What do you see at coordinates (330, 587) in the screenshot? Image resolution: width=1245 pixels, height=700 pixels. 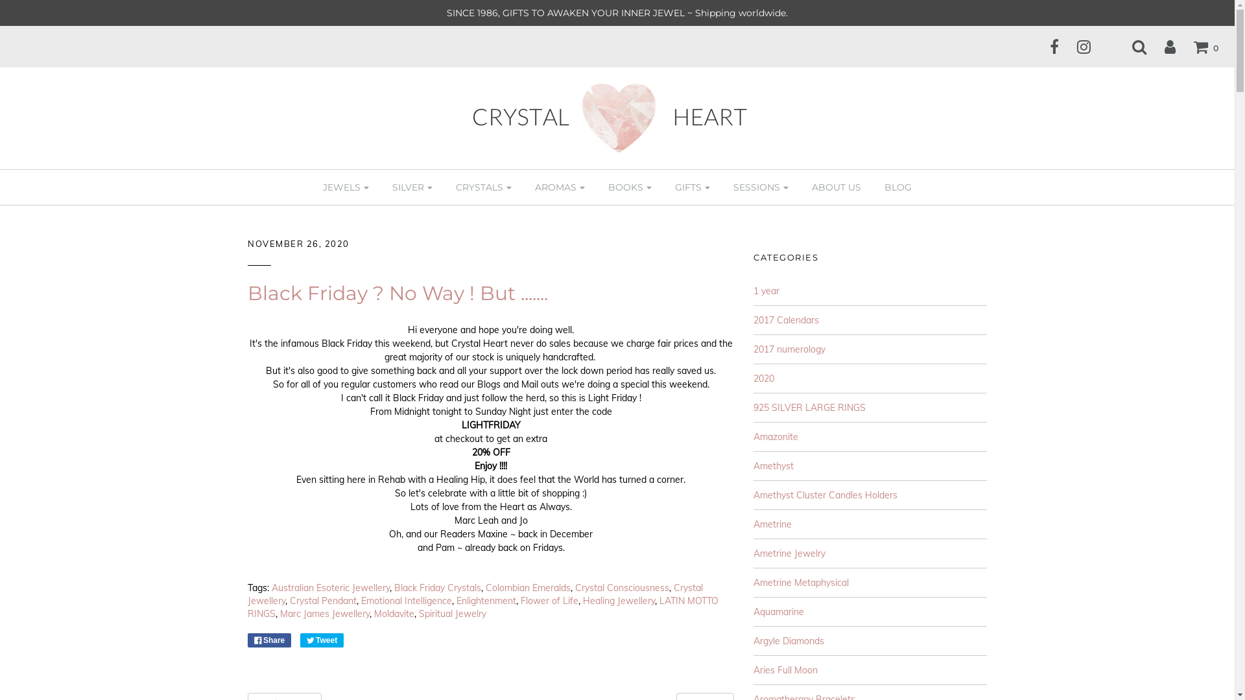 I see `'Australian Esoteric Jewellery'` at bounding box center [330, 587].